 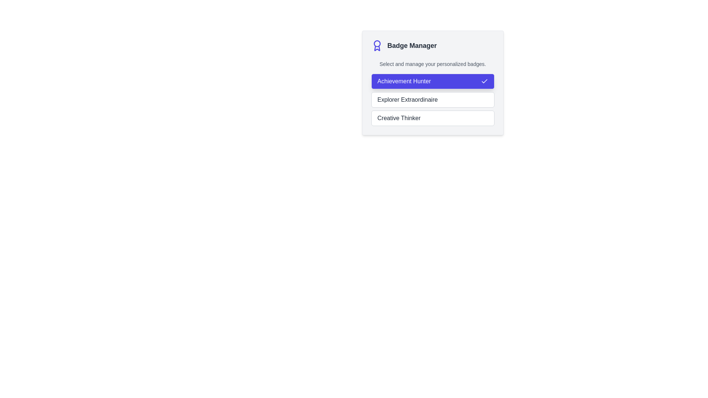 What do you see at coordinates (433, 63) in the screenshot?
I see `the descriptive text label providing information related to badge selection and management, located beneath the 'Badge Manager' heading` at bounding box center [433, 63].